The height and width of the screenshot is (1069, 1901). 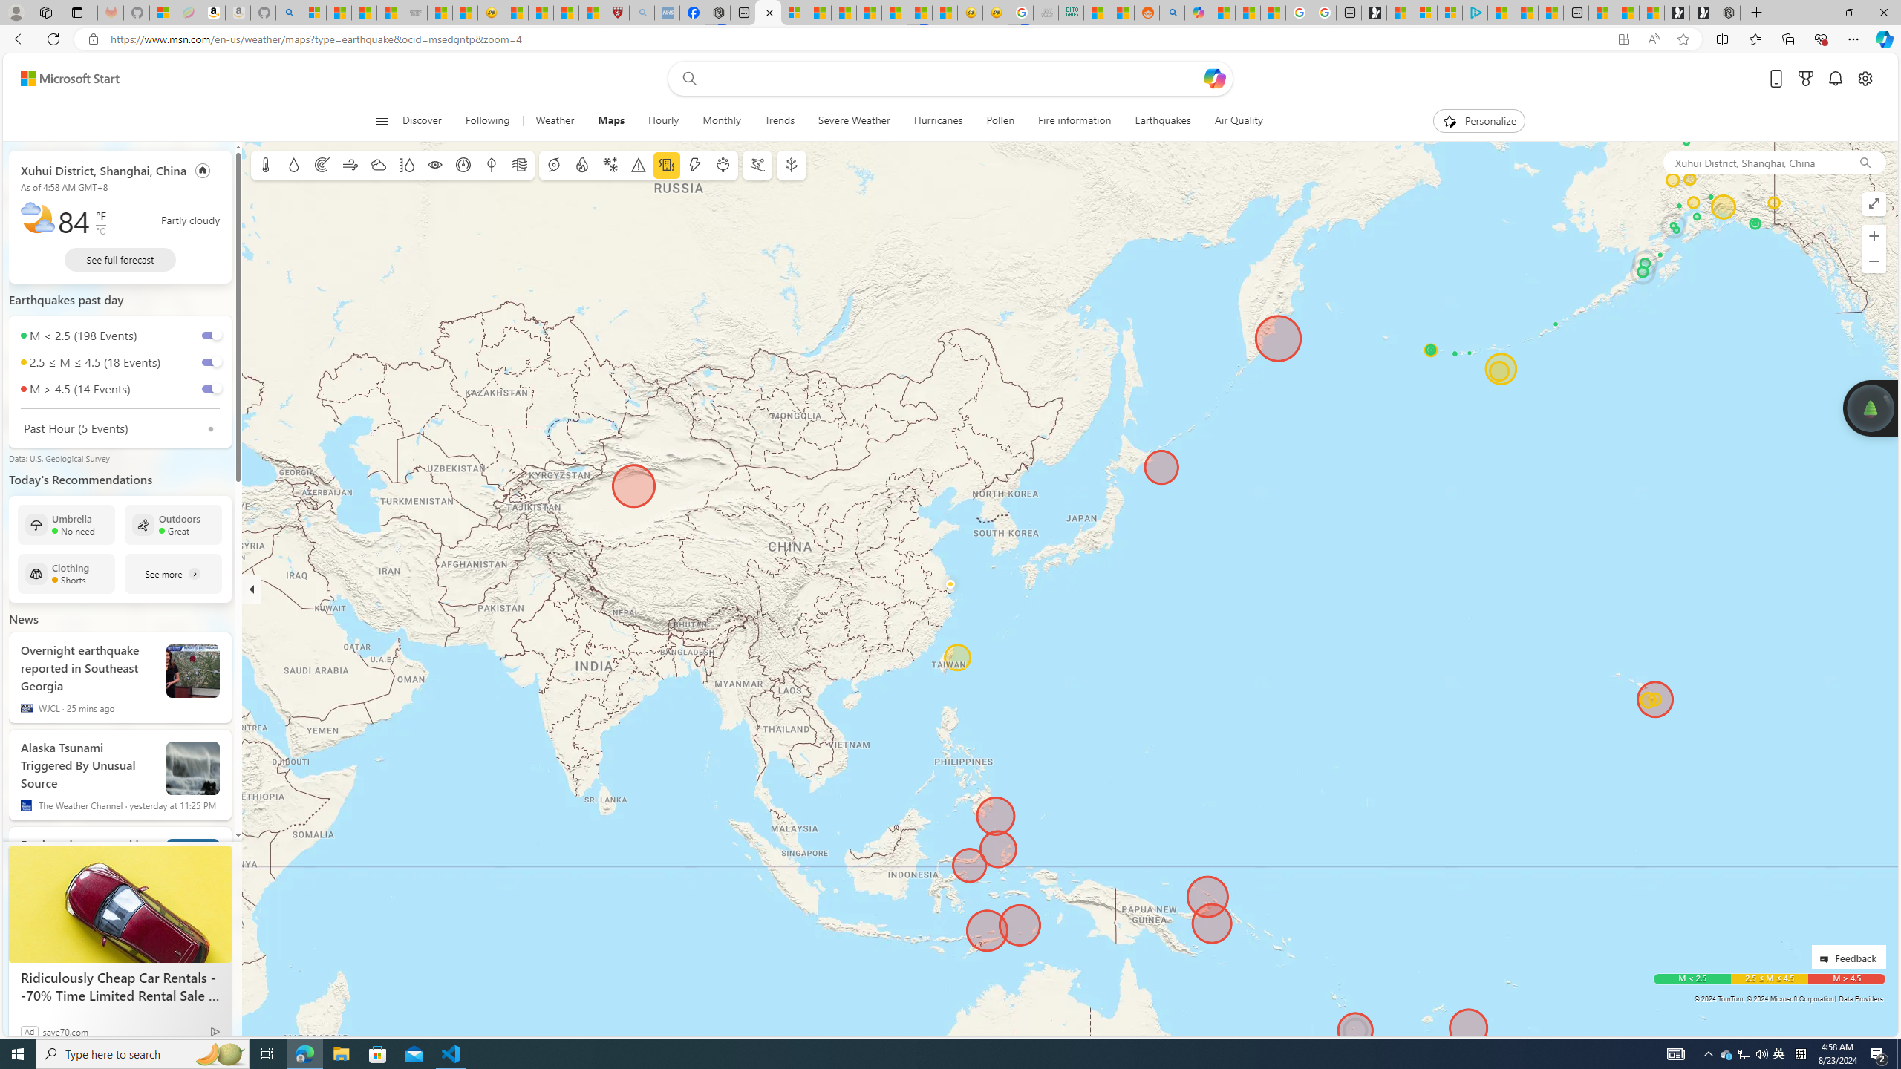 What do you see at coordinates (687, 79) in the screenshot?
I see `'Web search'` at bounding box center [687, 79].